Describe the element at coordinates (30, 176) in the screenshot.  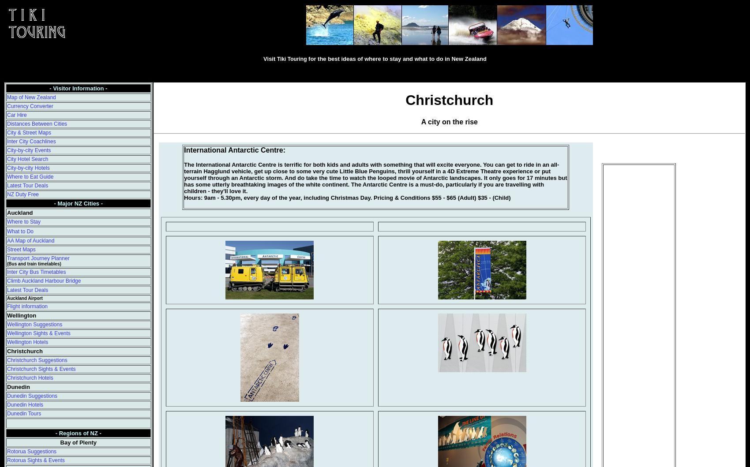
I see `'Where to Eat Guide'` at that location.